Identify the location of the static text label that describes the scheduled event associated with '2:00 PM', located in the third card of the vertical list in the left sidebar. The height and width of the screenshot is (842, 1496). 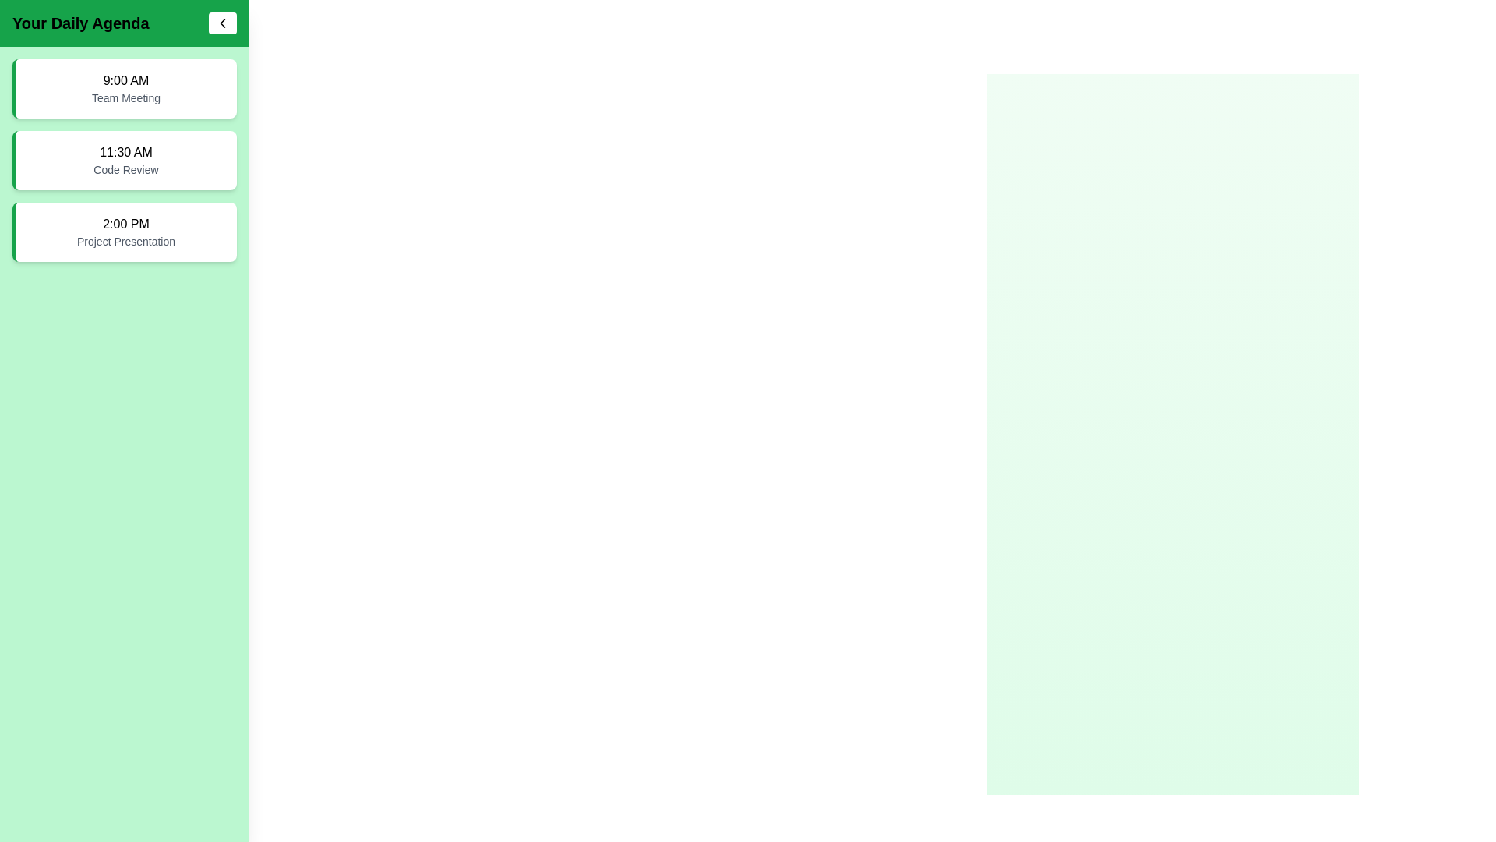
(126, 241).